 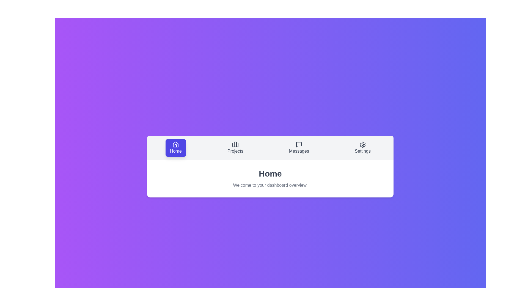 What do you see at coordinates (363, 147) in the screenshot?
I see `the Settings tab by clicking on it` at bounding box center [363, 147].